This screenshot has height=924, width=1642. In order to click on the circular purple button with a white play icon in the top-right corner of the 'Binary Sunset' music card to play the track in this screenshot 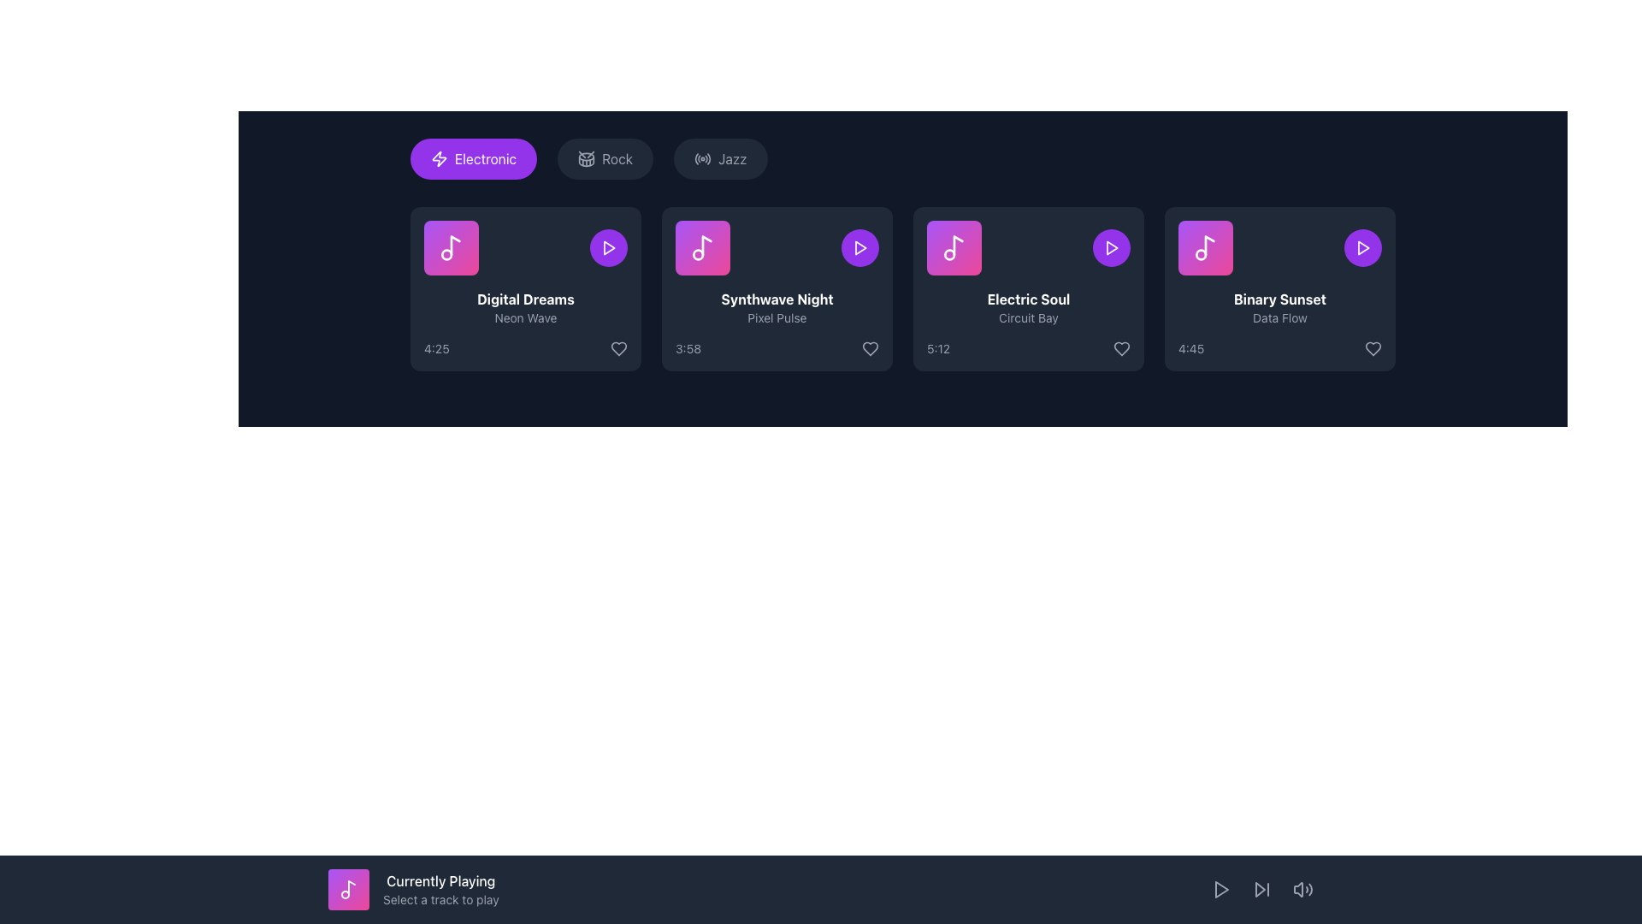, I will do `click(1361, 247)`.